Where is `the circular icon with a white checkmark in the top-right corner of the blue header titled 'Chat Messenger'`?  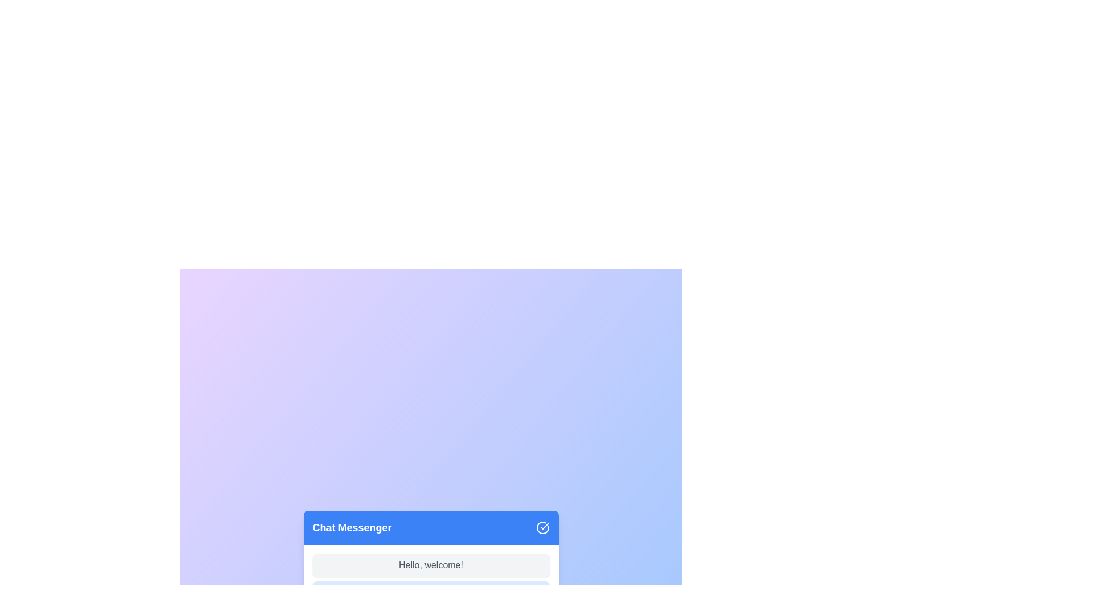 the circular icon with a white checkmark in the top-right corner of the blue header titled 'Chat Messenger' is located at coordinates (542, 527).